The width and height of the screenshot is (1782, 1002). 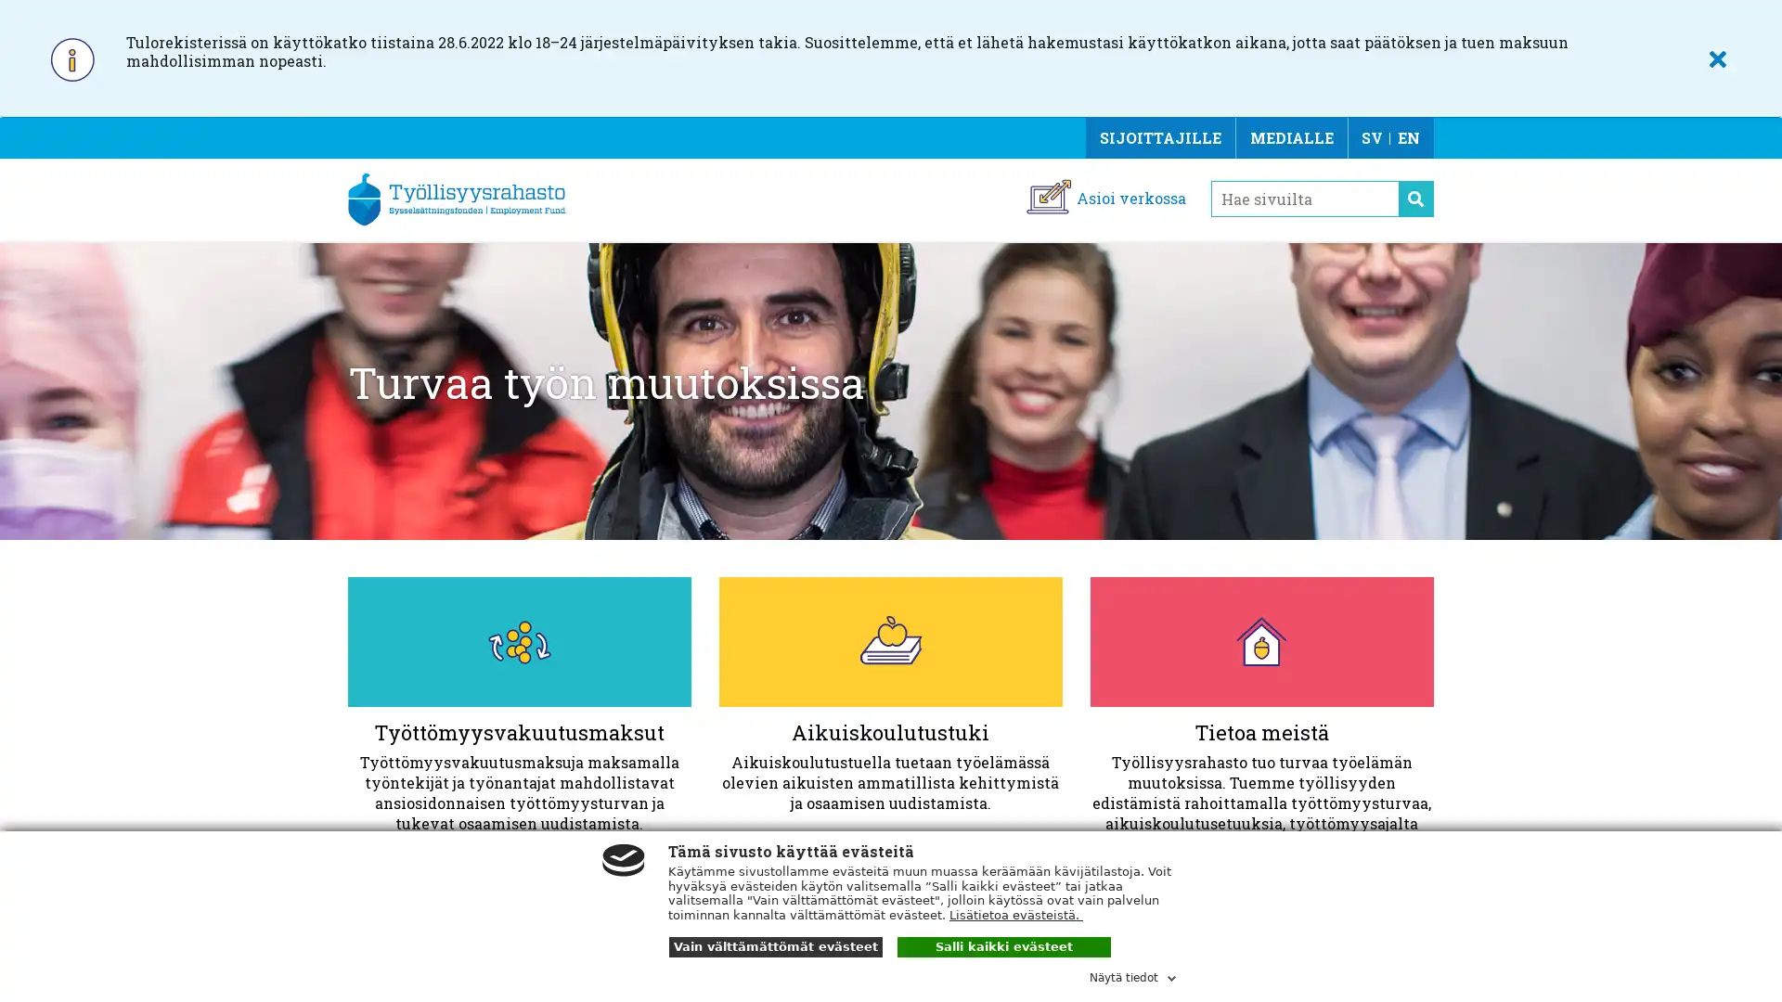 I want to click on SULJE, so click(x=1717, y=57).